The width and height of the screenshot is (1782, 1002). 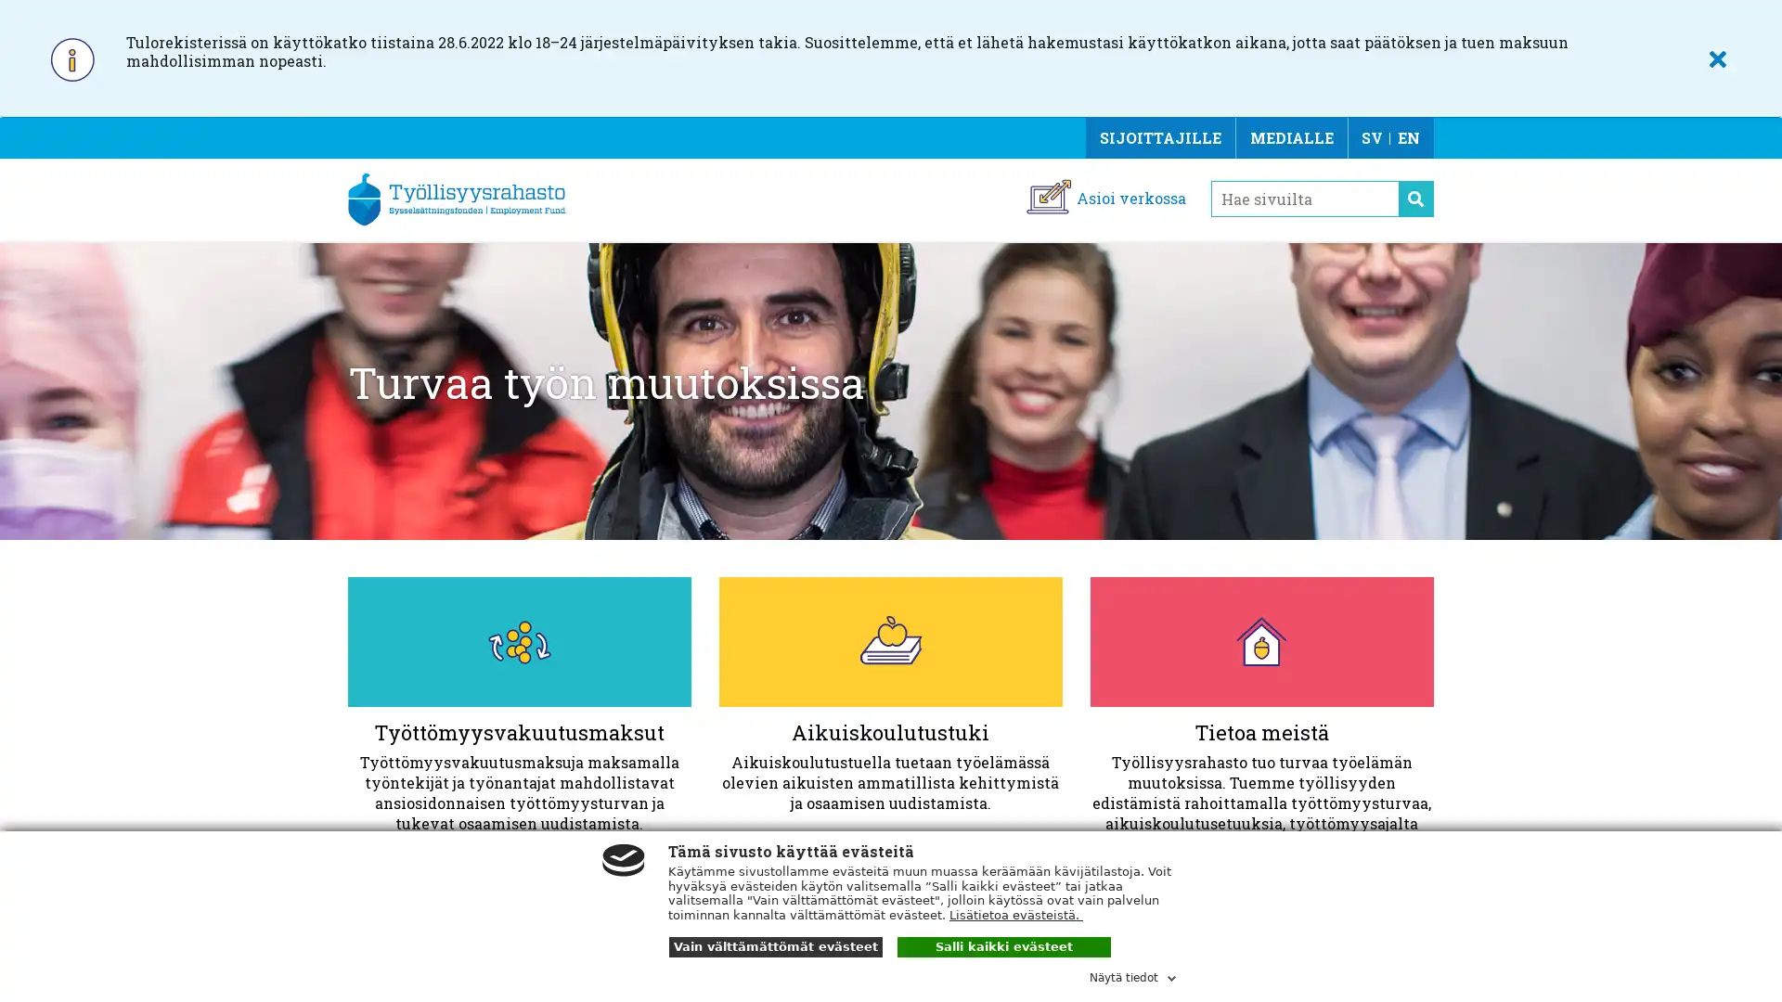 I want to click on SULJE, so click(x=1717, y=57).